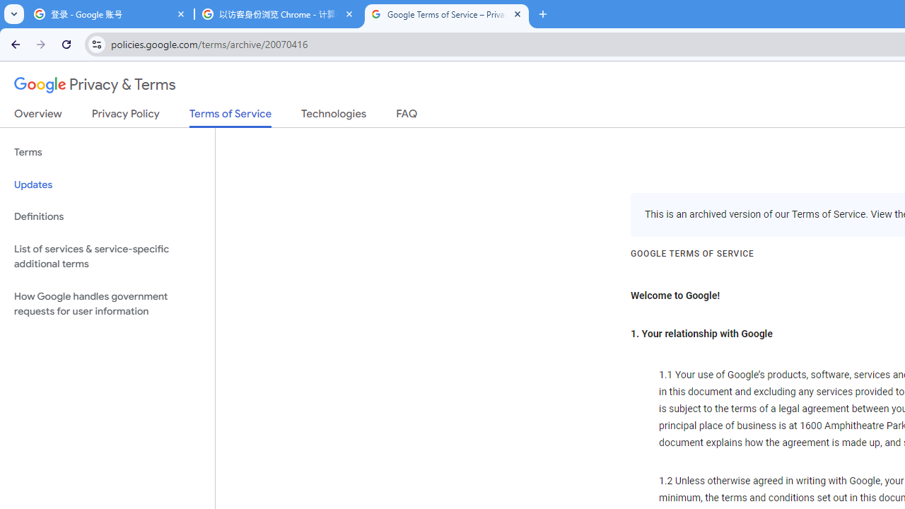  Describe the element at coordinates (107, 216) in the screenshot. I see `'Definitions'` at that location.